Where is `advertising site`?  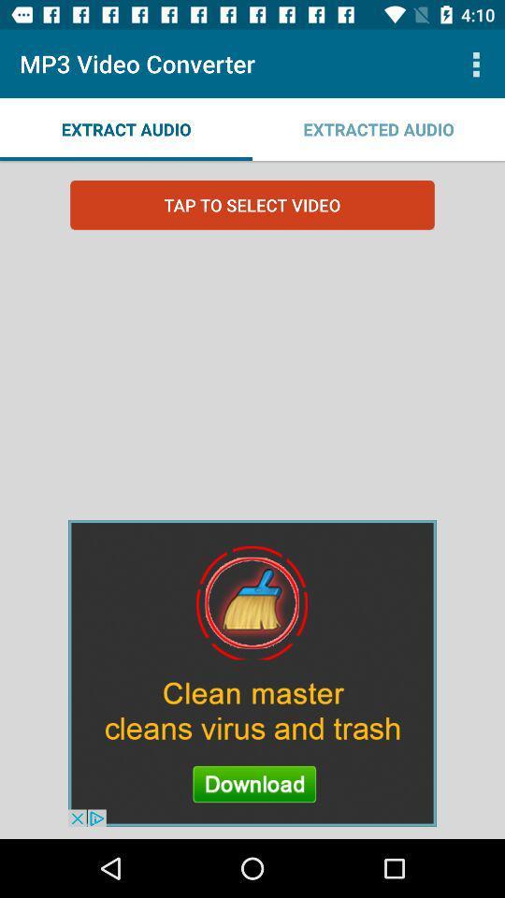
advertising site is located at coordinates (252, 673).